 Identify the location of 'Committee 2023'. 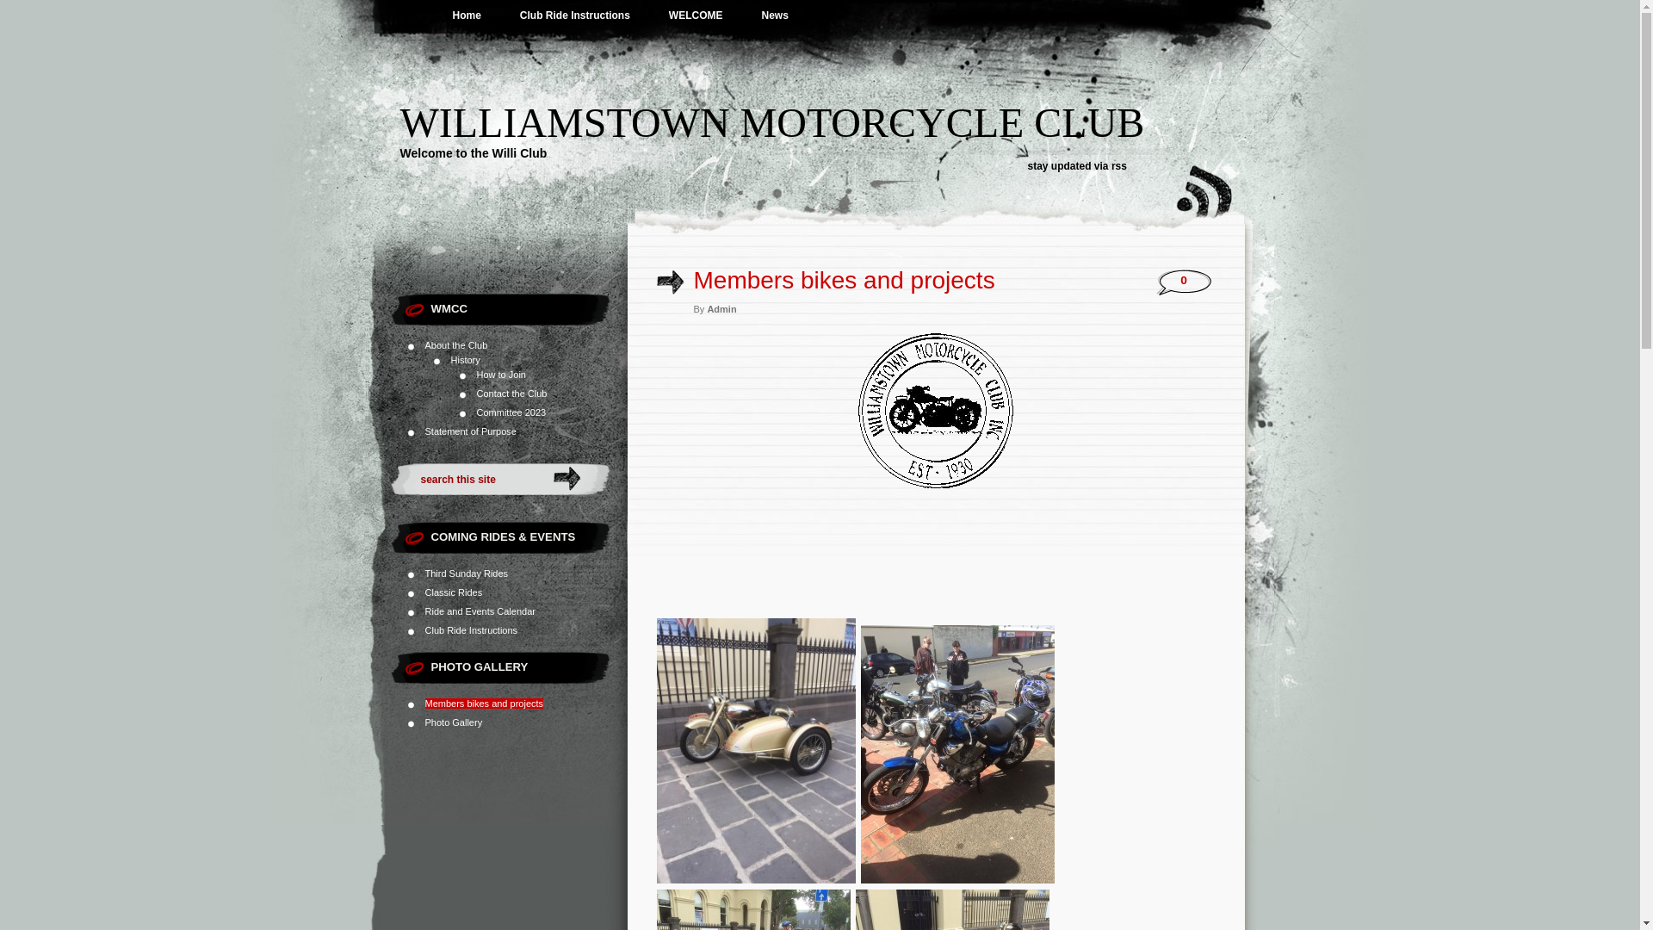
(511, 412).